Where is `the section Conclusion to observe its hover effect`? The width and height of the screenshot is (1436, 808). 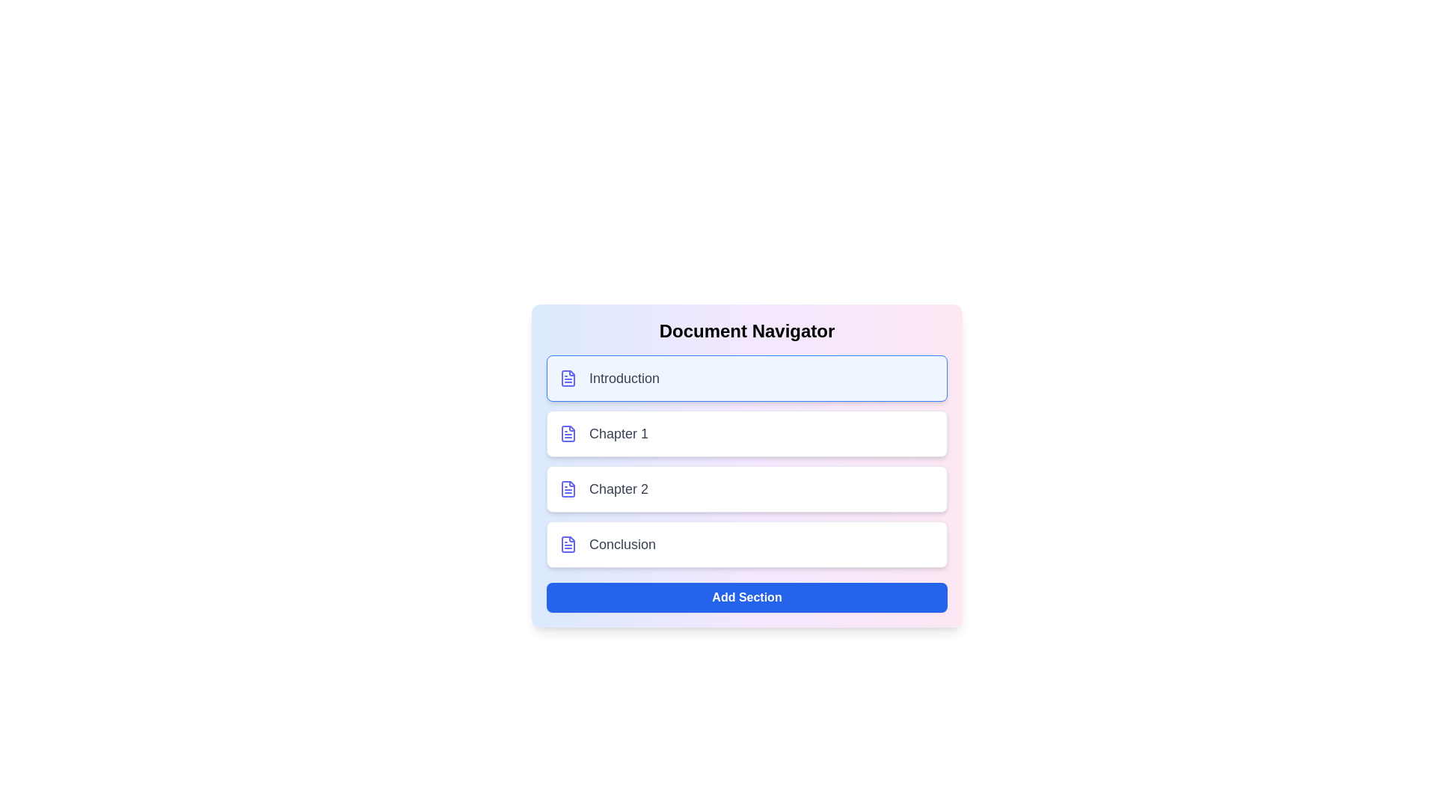 the section Conclusion to observe its hover effect is located at coordinates (746, 545).